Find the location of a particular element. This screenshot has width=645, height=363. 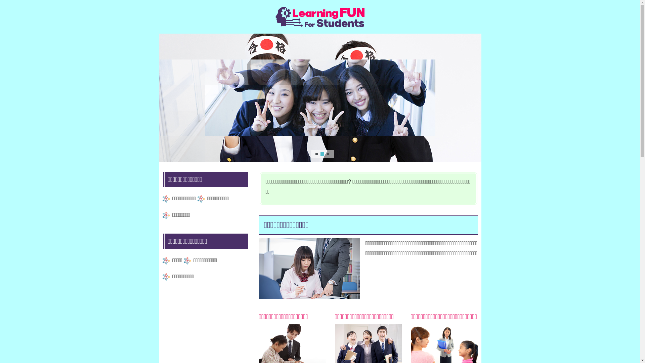

'1' is located at coordinates (316, 154).